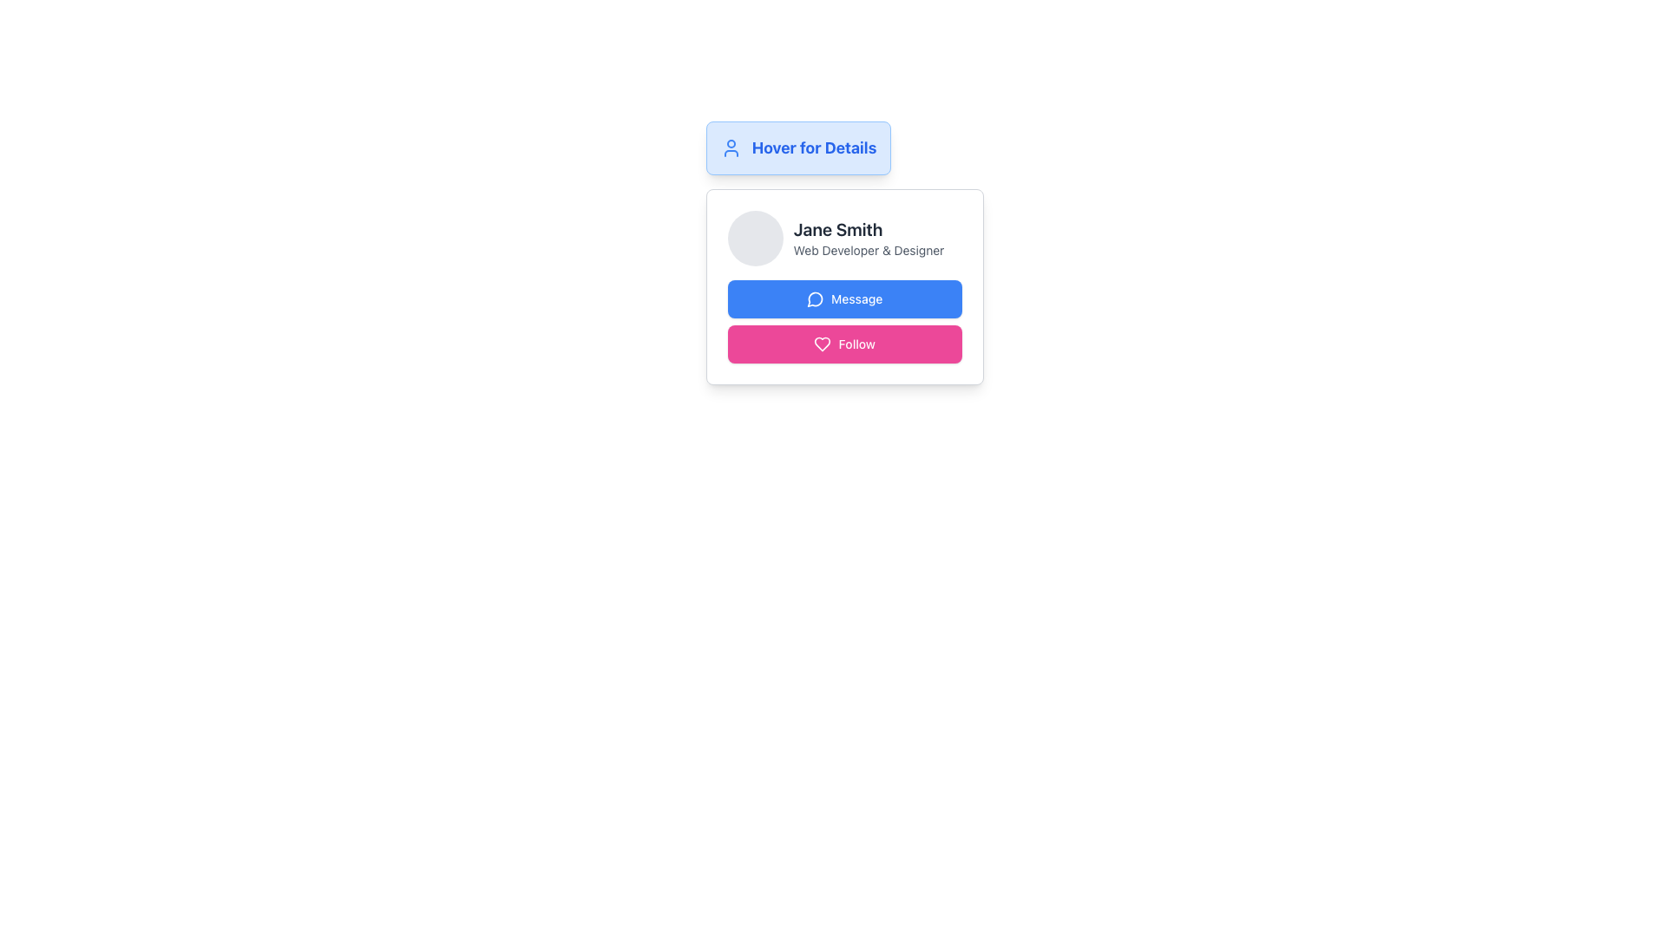  What do you see at coordinates (844, 344) in the screenshot?
I see `the 'Follow' button with a vibrant pink background and white text, located below the blue 'Message' button` at bounding box center [844, 344].